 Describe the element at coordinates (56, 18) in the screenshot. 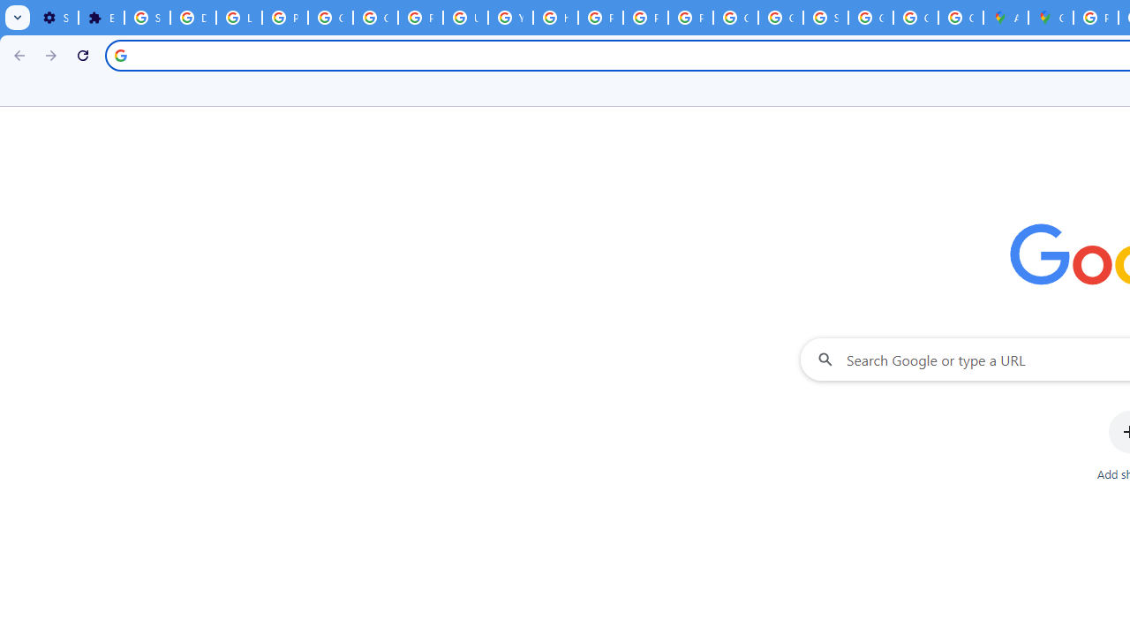

I see `'Settings - On startup'` at that location.